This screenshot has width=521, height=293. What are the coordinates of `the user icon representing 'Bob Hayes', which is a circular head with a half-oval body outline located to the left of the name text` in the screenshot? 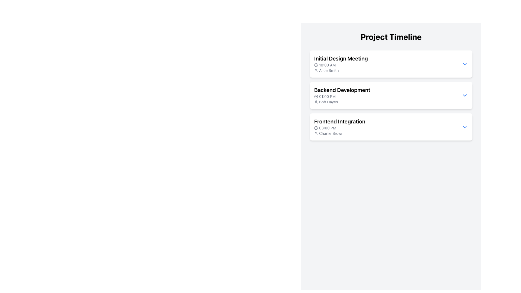 It's located at (316, 102).